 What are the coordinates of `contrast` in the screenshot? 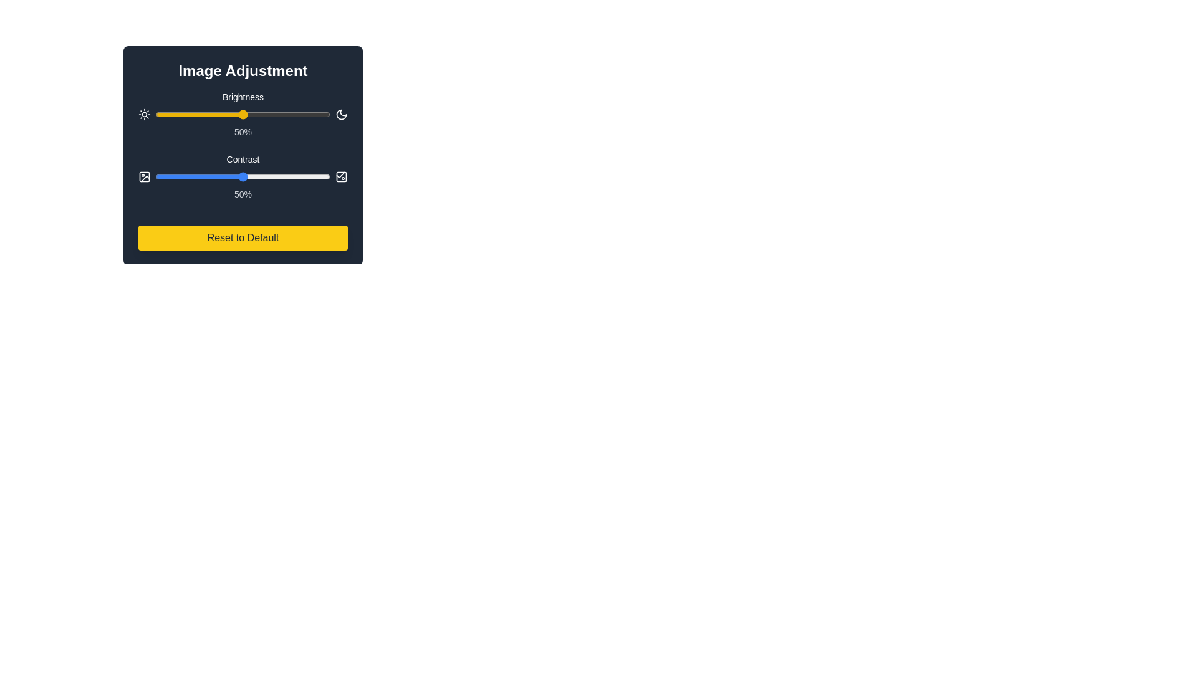 It's located at (251, 177).